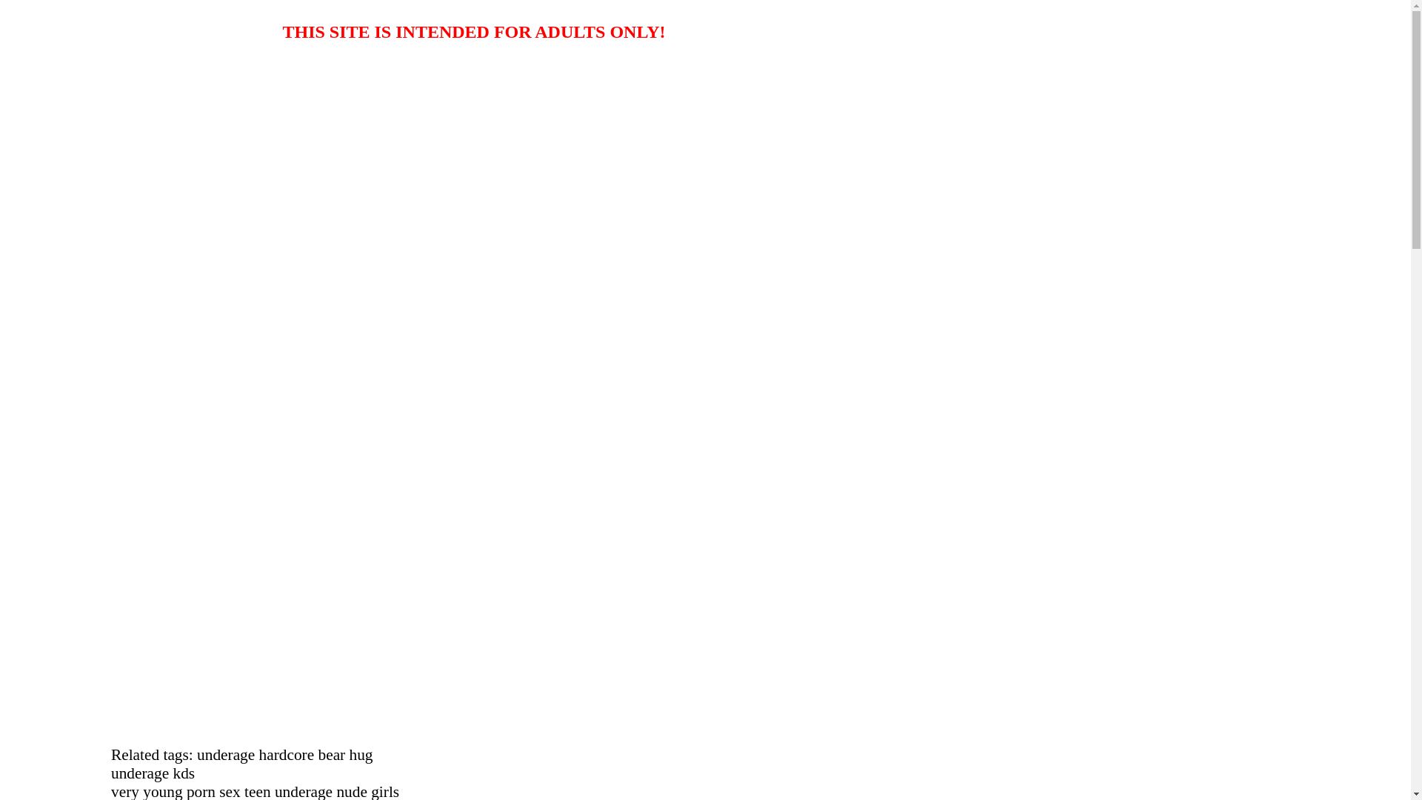 This screenshot has height=800, width=1422. Describe the element at coordinates (24, 191) in the screenshot. I see `'Pagetop'` at that location.